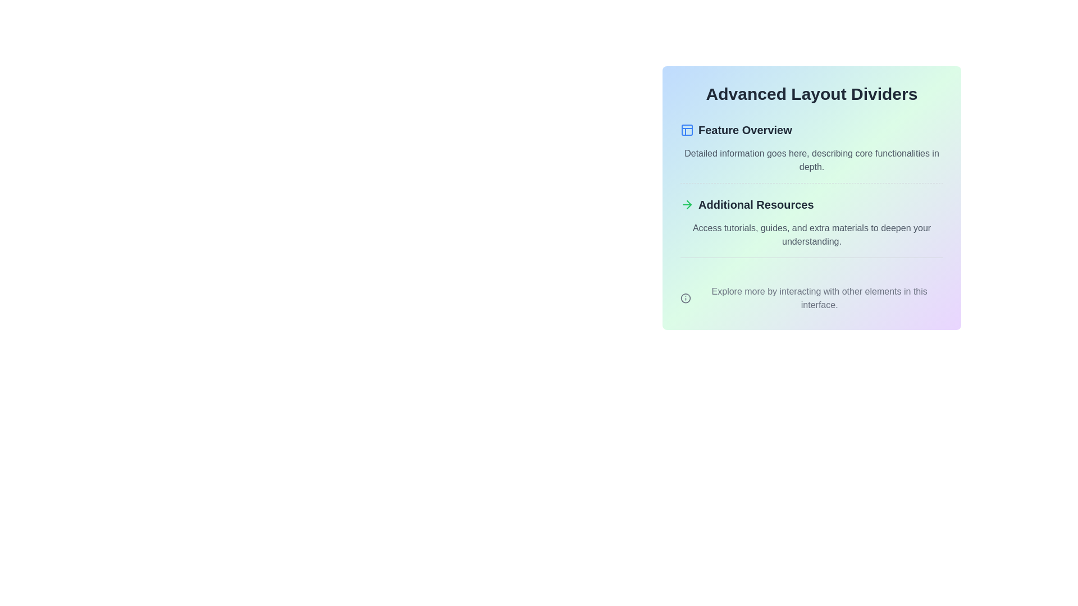  What do you see at coordinates (811, 235) in the screenshot?
I see `text content 'Access tutorials, guides, and extra materials to deepen your understanding.' located in the 'Additional Resources' section below the 'Advanced Layout Dividers' header` at bounding box center [811, 235].